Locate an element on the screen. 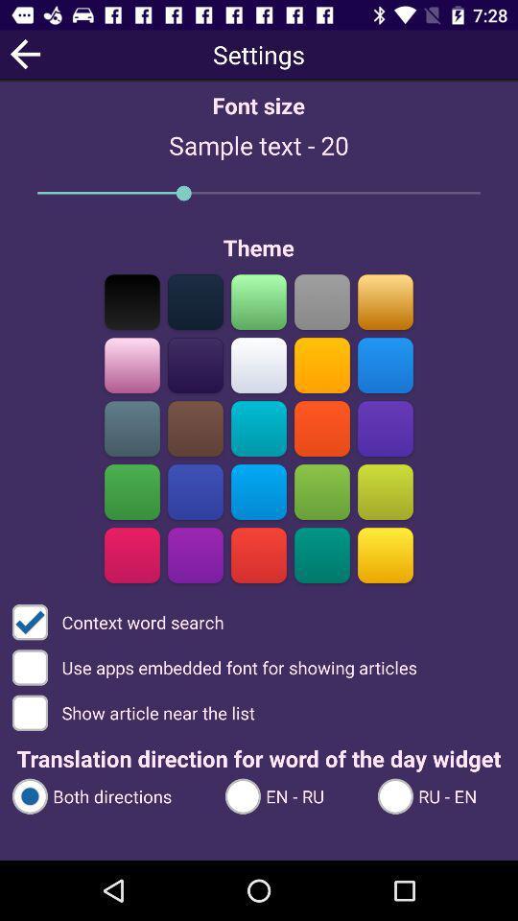 This screenshot has width=518, height=921. back is located at coordinates (24, 53).